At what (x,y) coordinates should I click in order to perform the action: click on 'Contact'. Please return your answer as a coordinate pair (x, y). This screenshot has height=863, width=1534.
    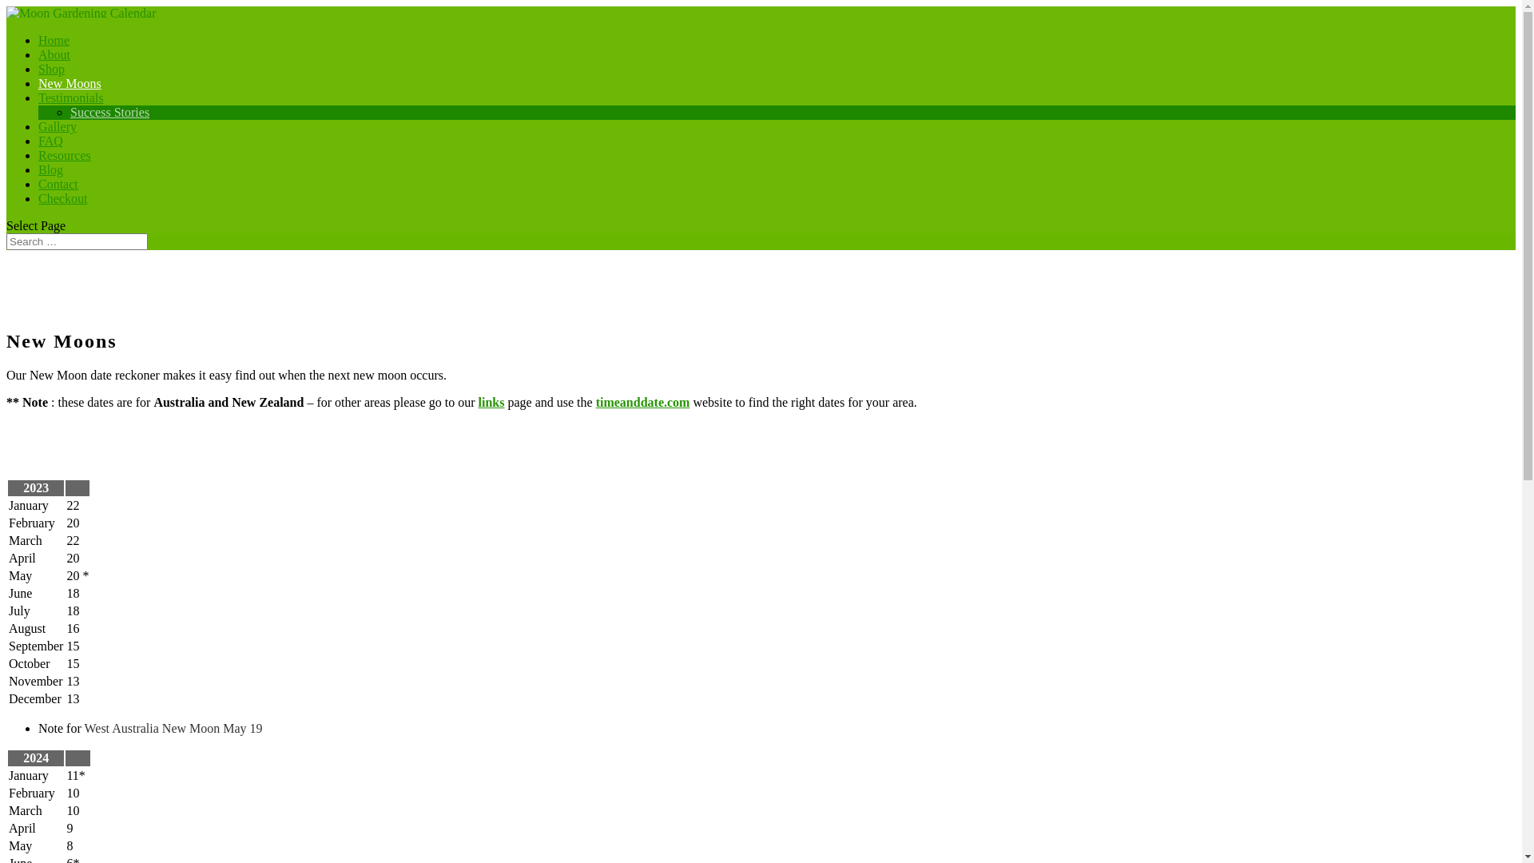
    Looking at the image, I should click on (58, 190).